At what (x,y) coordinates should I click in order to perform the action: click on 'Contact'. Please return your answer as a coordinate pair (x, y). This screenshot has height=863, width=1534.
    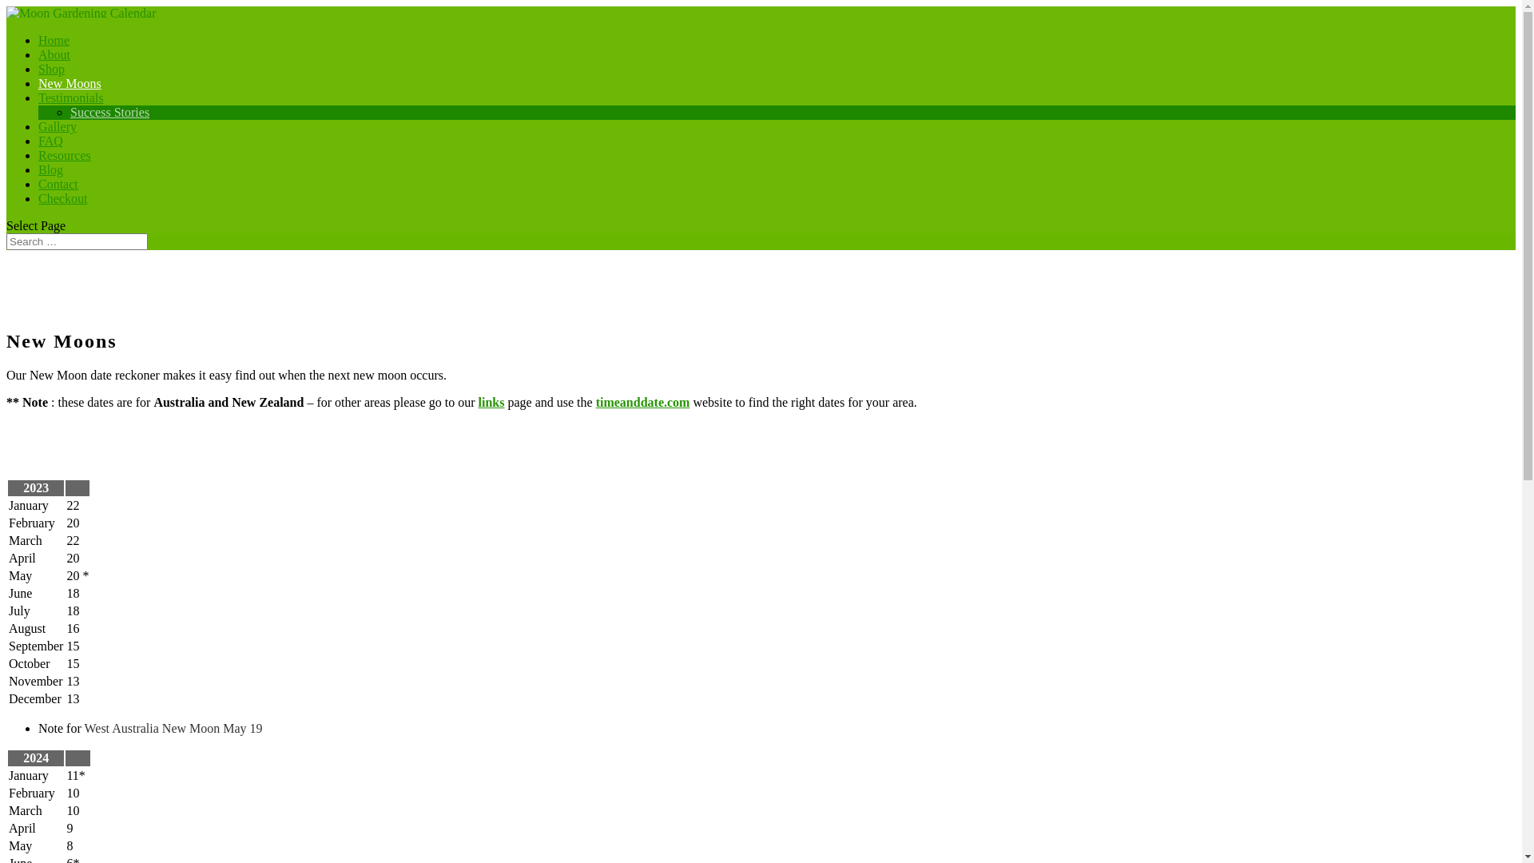
    Looking at the image, I should click on (58, 190).